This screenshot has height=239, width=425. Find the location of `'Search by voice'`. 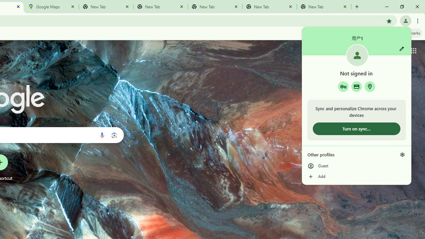

'Search by voice' is located at coordinates (102, 135).